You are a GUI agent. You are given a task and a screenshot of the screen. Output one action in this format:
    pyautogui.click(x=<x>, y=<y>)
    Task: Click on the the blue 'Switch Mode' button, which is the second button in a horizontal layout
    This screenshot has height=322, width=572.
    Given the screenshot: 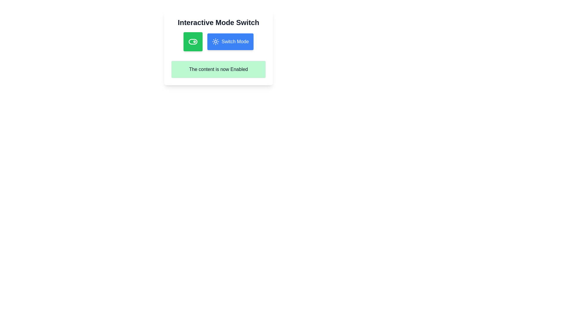 What is the action you would take?
    pyautogui.click(x=218, y=48)
    